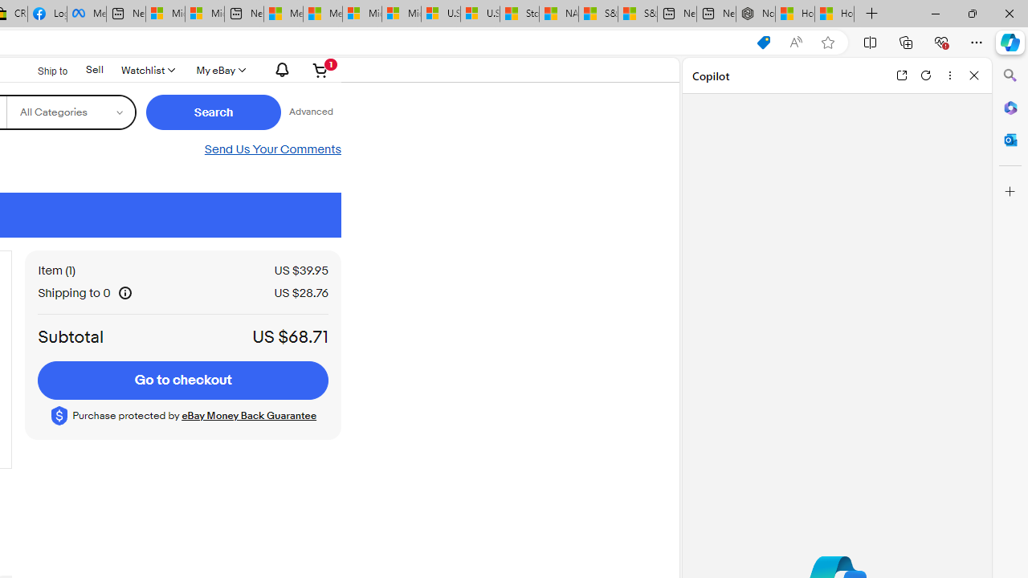 Image resolution: width=1028 pixels, height=578 pixels. I want to click on 'Watchlist', so click(147, 69).